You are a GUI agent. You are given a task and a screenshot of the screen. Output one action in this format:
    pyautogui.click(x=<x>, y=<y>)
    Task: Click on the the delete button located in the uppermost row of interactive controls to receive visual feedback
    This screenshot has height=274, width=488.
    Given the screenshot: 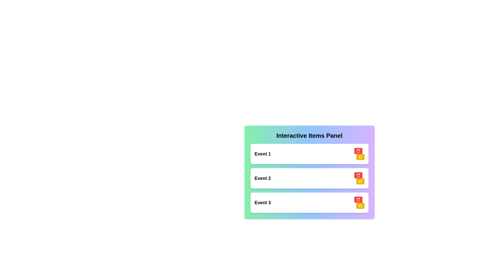 What is the action you would take?
    pyautogui.click(x=358, y=150)
    